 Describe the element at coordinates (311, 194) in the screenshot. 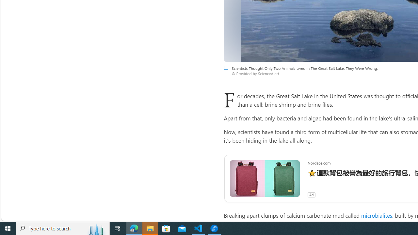

I see `'Ad'` at that location.